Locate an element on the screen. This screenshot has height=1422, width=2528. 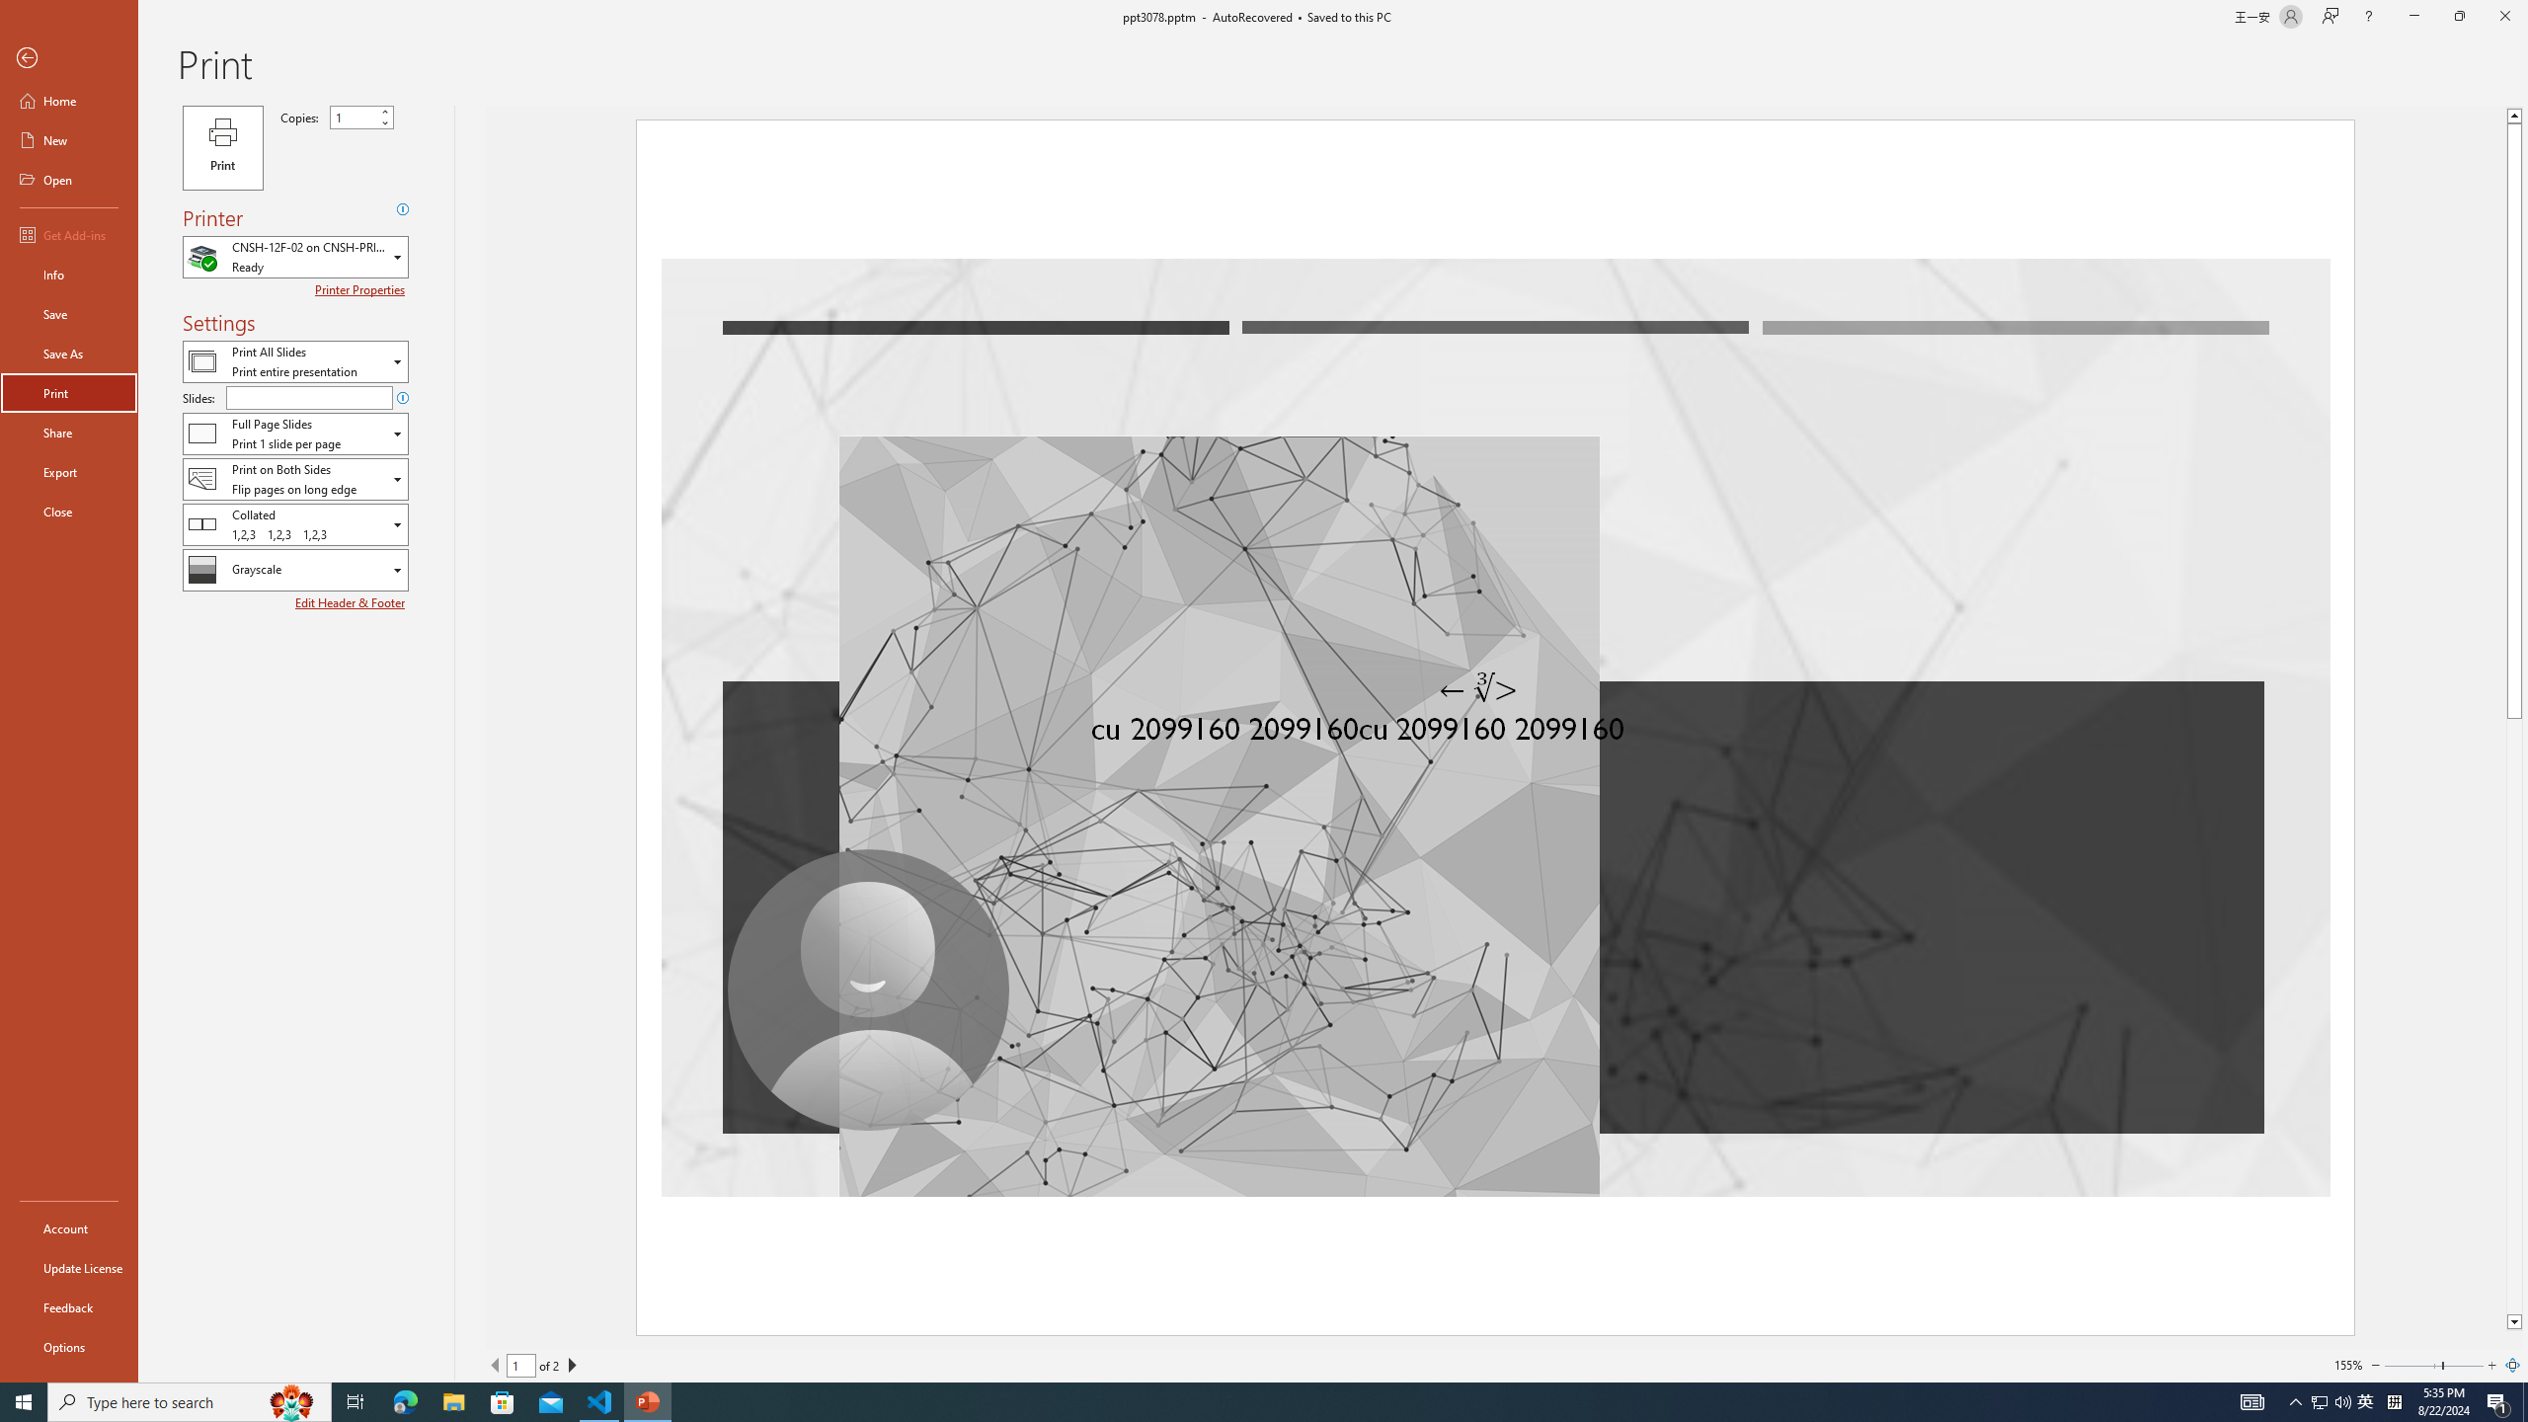
'Class: NetUIScrollBar' is located at coordinates (2512, 718).